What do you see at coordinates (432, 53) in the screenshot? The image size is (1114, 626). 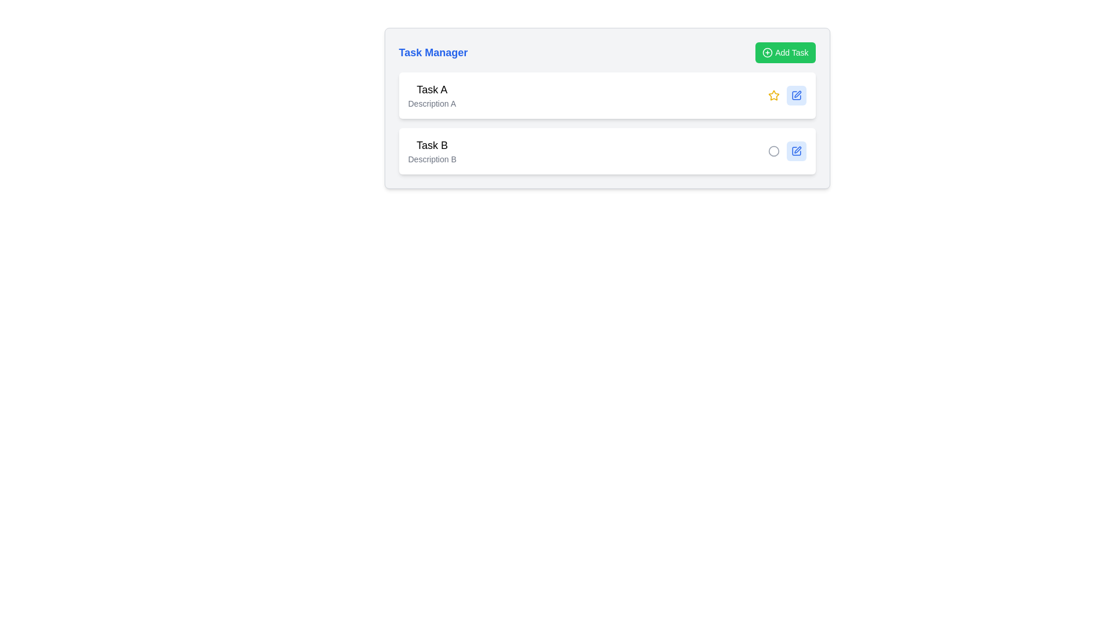 I see `the 'Task Manager' text label, which is prominently displayed in bold blue font at the top-left part of the header` at bounding box center [432, 53].